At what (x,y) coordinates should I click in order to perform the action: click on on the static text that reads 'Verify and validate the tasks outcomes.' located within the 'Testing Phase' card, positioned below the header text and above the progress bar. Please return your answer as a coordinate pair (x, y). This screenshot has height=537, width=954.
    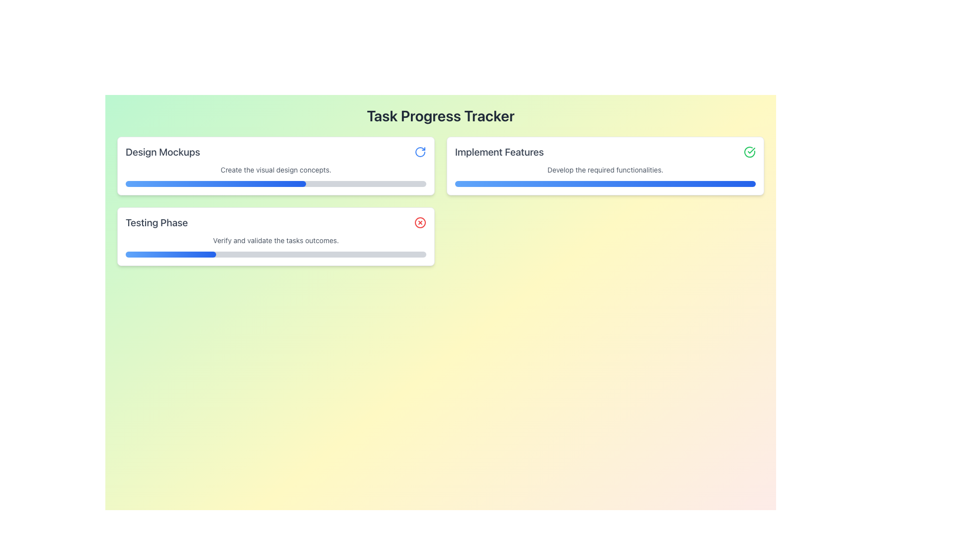
    Looking at the image, I should click on (276, 240).